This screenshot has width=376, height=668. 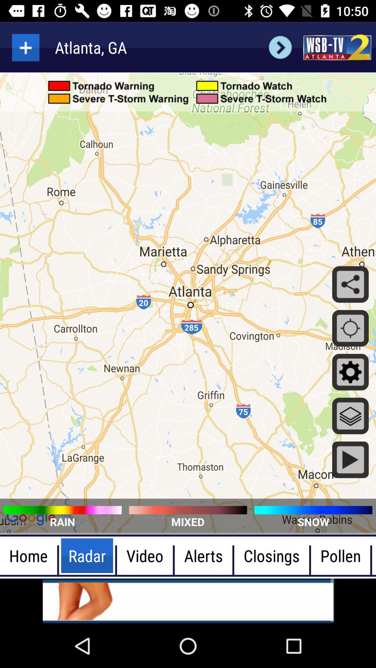 I want to click on homepage, so click(x=337, y=47).